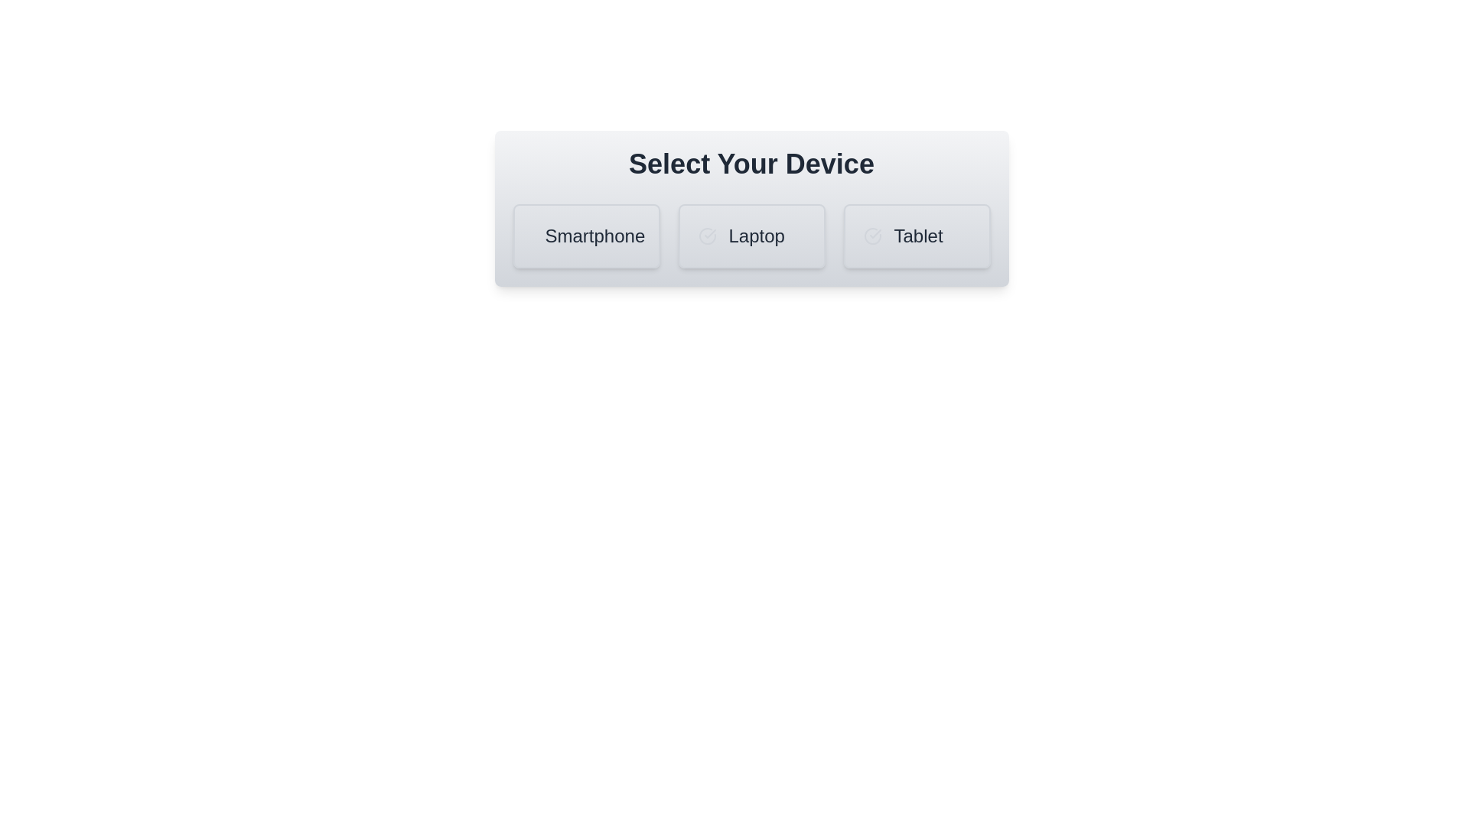  Describe the element at coordinates (751, 164) in the screenshot. I see `the Text header that introduces the purpose of the interface, positioned at the top center of the layout above a group of interactive buttons` at that location.